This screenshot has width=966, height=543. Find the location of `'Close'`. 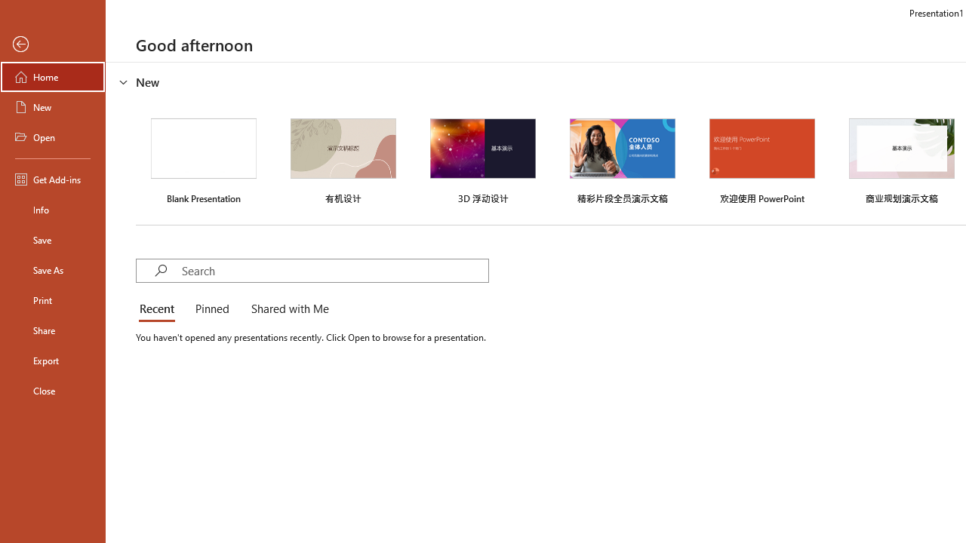

'Close' is located at coordinates (52, 390).